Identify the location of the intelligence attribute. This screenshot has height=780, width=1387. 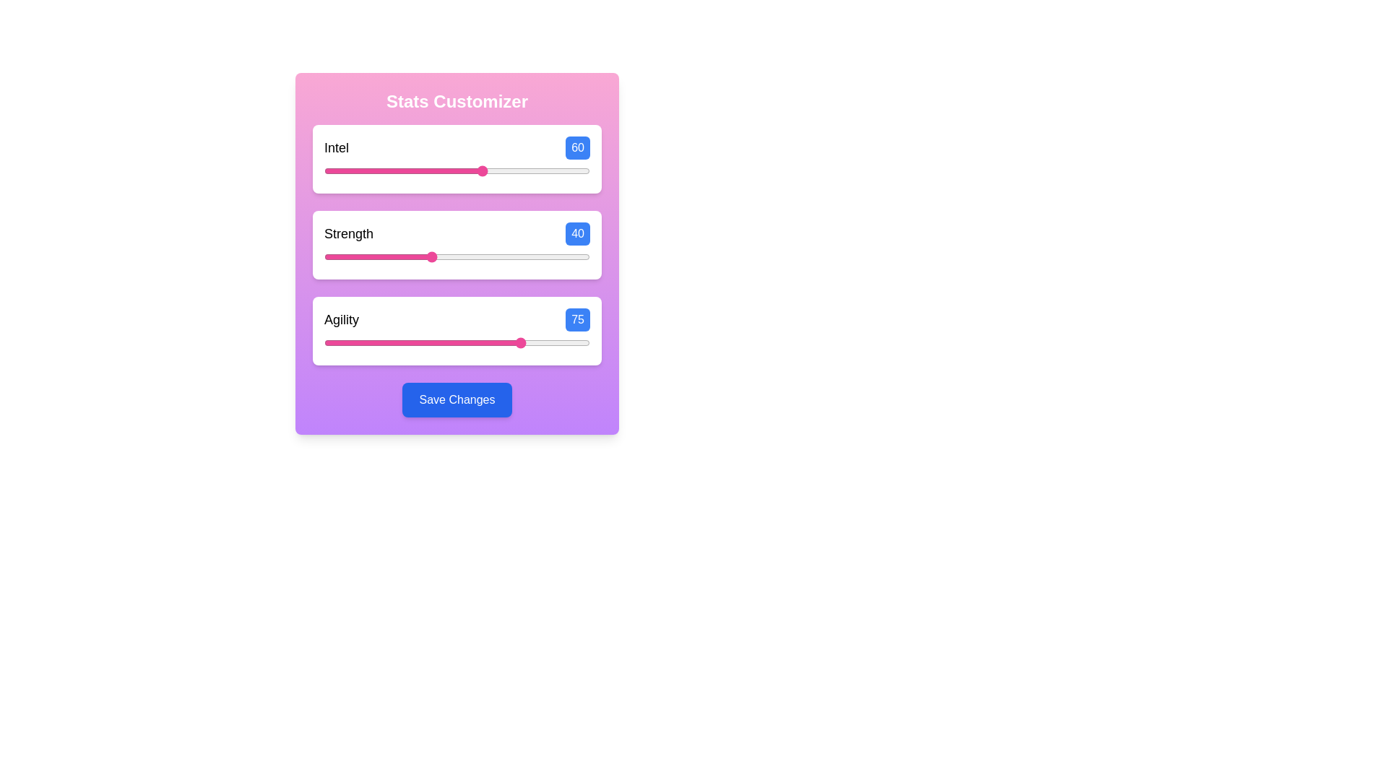
(481, 170).